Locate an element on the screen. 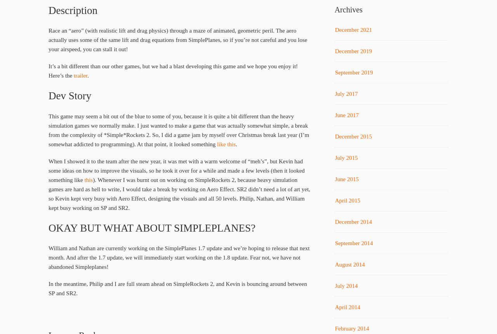  'August 2014' is located at coordinates (334, 264).